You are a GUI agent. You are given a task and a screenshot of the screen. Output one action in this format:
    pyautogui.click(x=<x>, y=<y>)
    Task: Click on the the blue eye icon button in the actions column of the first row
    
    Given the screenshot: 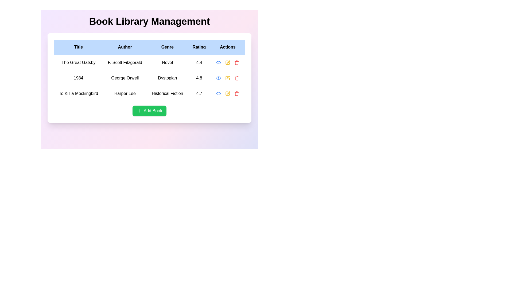 What is the action you would take?
    pyautogui.click(x=219, y=62)
    